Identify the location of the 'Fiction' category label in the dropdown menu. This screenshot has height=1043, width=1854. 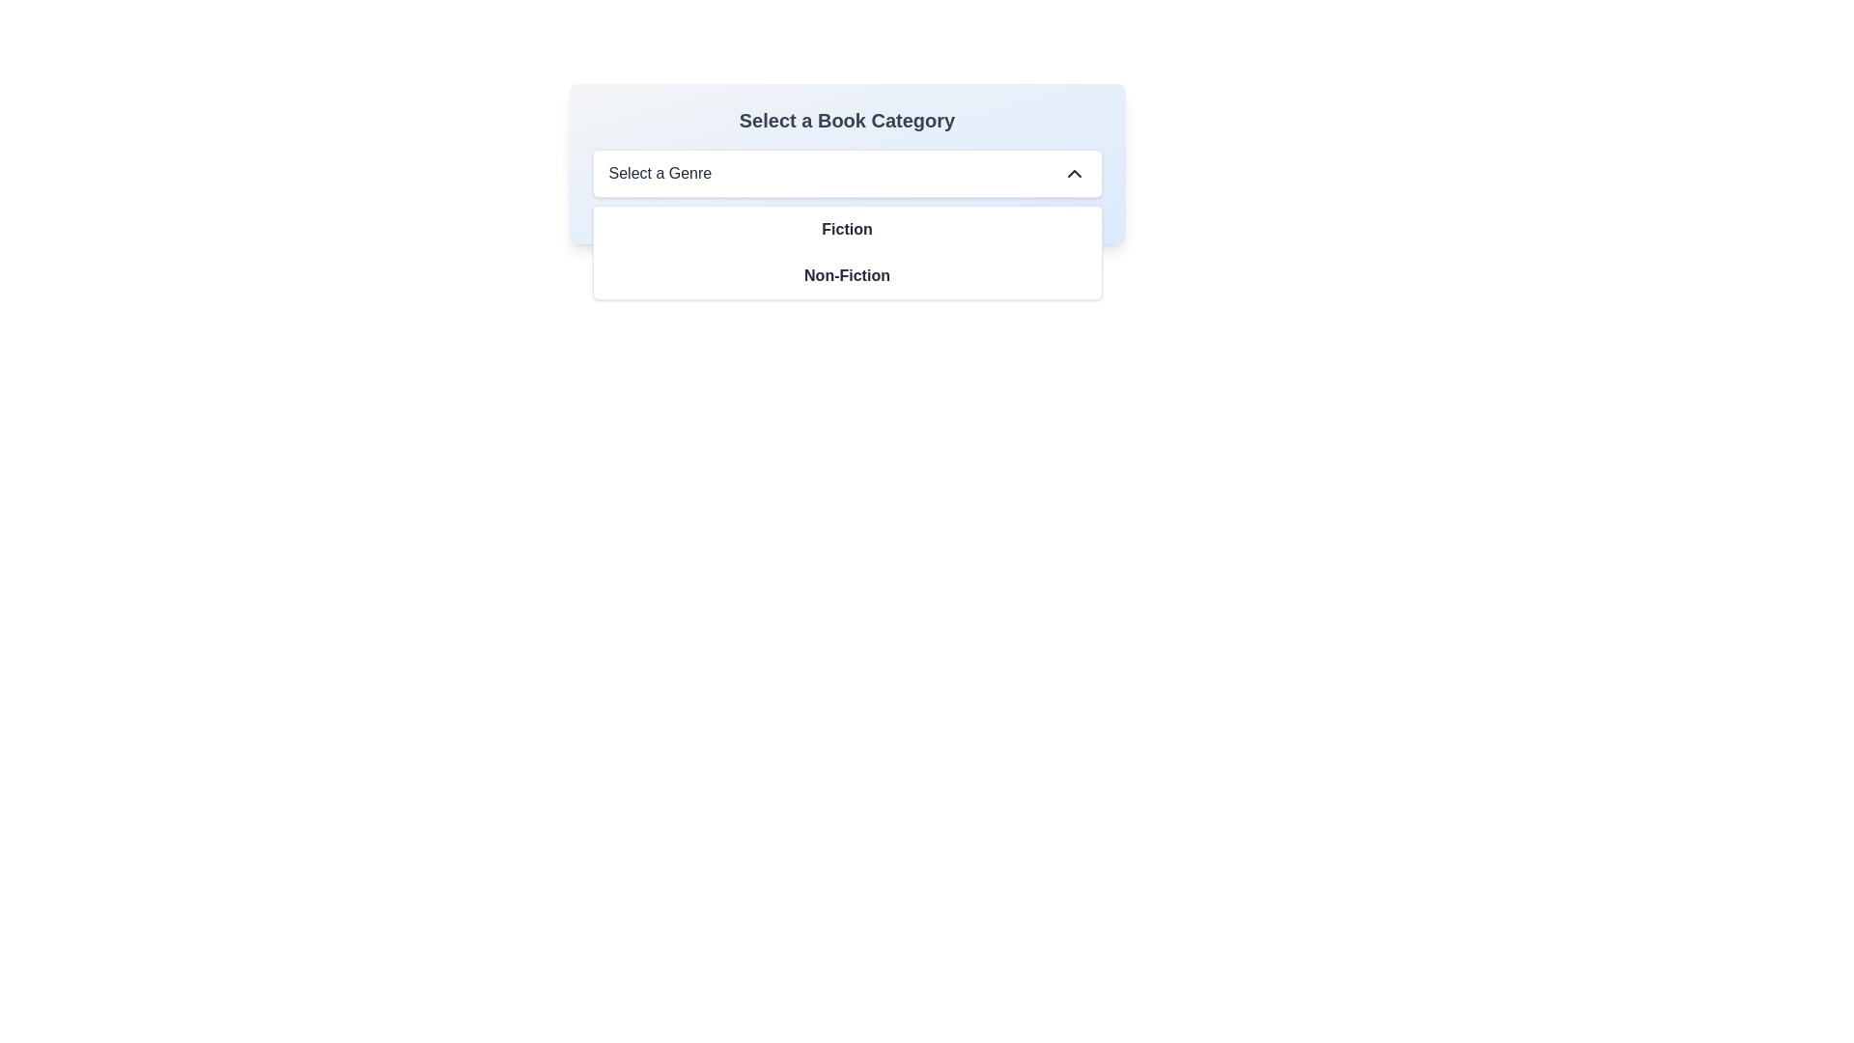
(847, 229).